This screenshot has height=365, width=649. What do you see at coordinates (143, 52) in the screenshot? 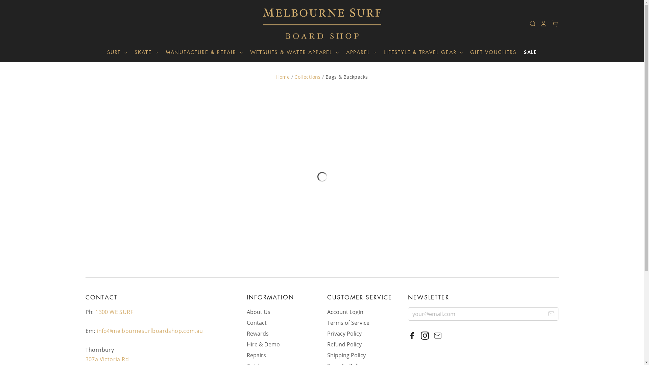
I see `'SKATE'` at bounding box center [143, 52].